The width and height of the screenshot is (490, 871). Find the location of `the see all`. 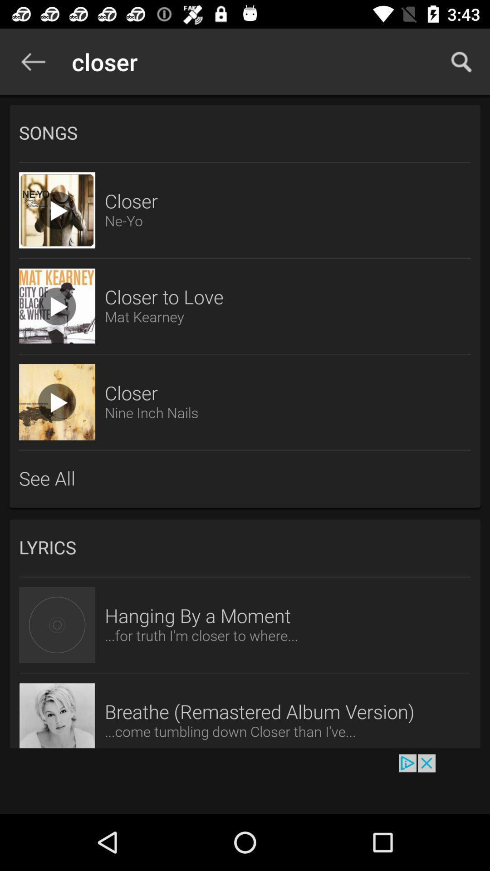

the see all is located at coordinates (245, 479).